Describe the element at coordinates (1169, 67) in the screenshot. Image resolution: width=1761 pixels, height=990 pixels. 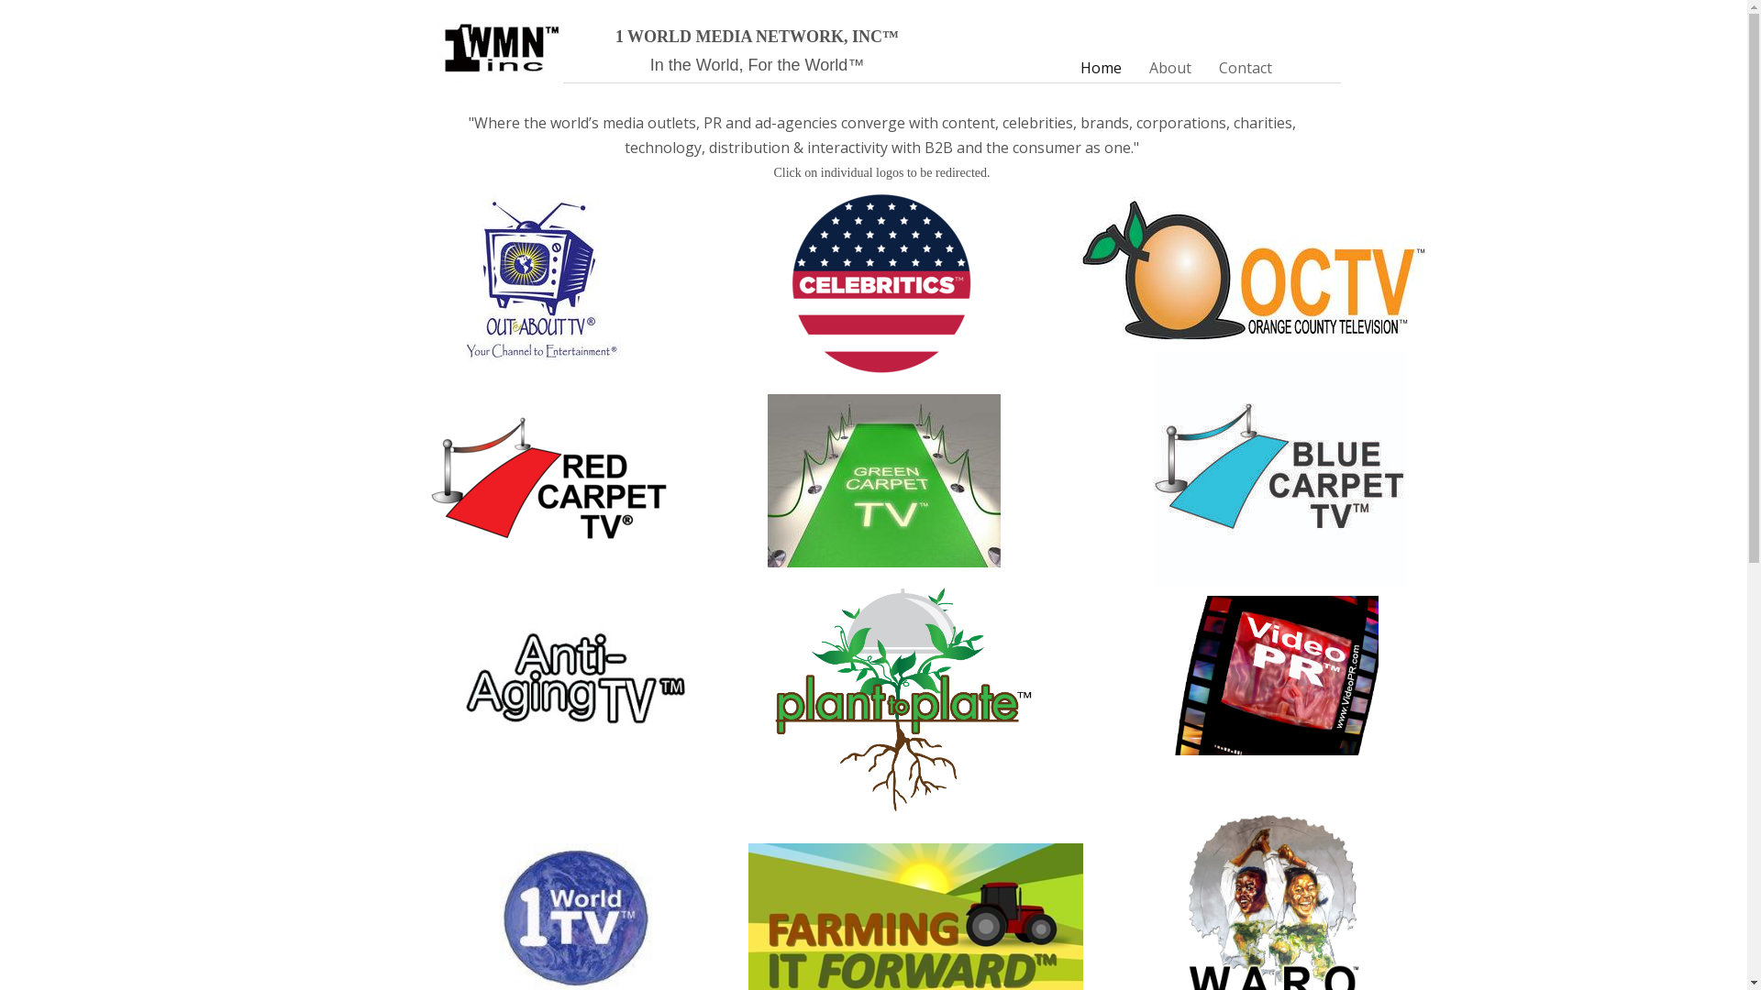
I see `'About'` at that location.